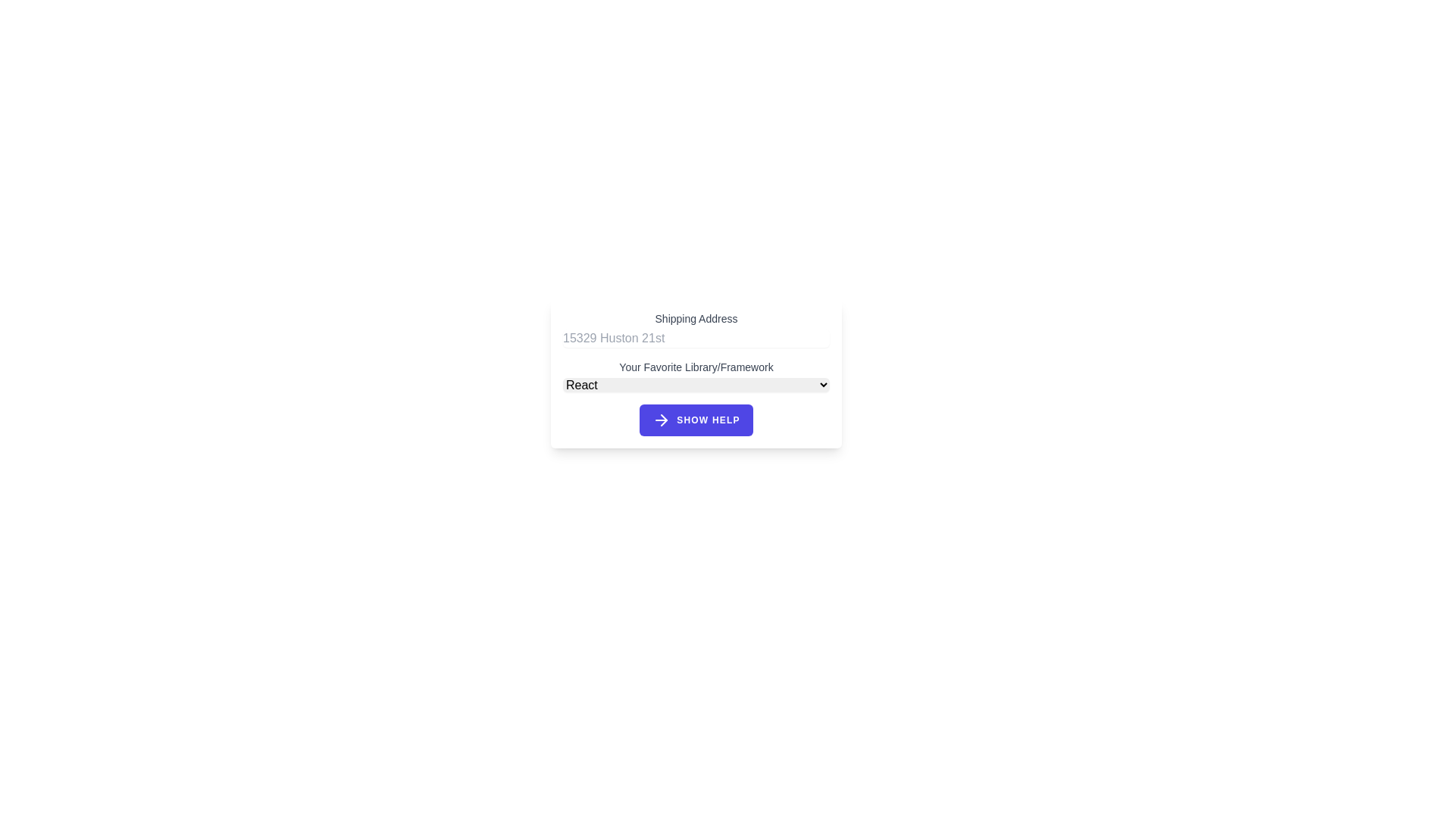 The image size is (1455, 818). Describe the element at coordinates (662, 420) in the screenshot. I see `the right-pointing arrow icon located to the left of the 'Show Help' text within the purple rectangular button` at that location.